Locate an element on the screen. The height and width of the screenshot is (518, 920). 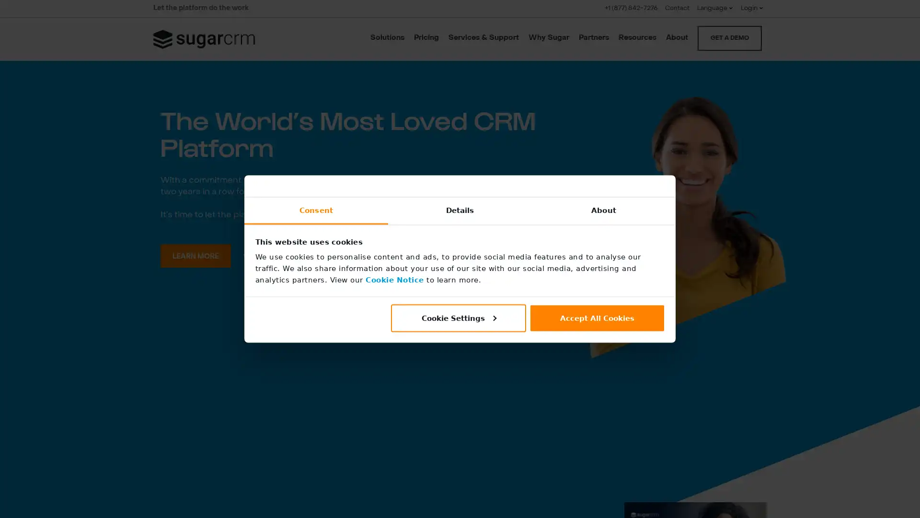
Accept All Cookies is located at coordinates (597, 318).